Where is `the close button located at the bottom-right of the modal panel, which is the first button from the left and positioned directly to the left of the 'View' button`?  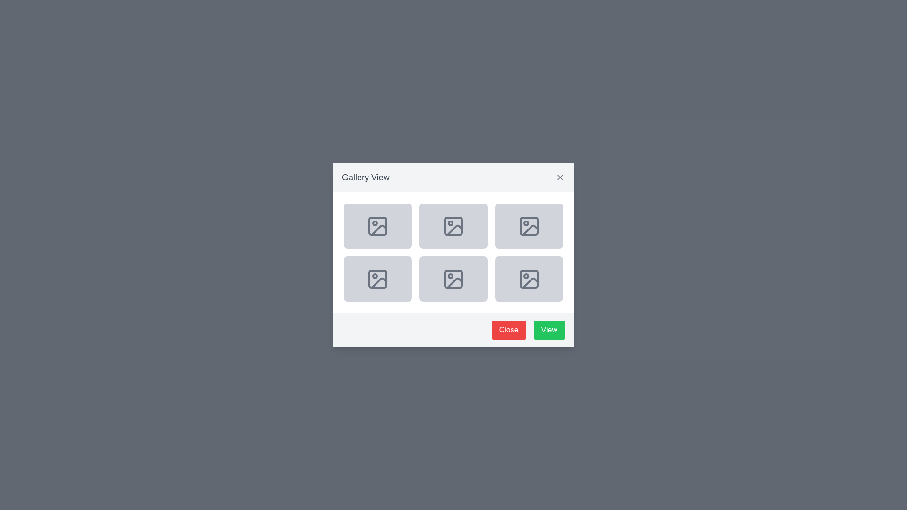
the close button located at the bottom-right of the modal panel, which is the first button from the left and positioned directly to the left of the 'View' button is located at coordinates (508, 329).